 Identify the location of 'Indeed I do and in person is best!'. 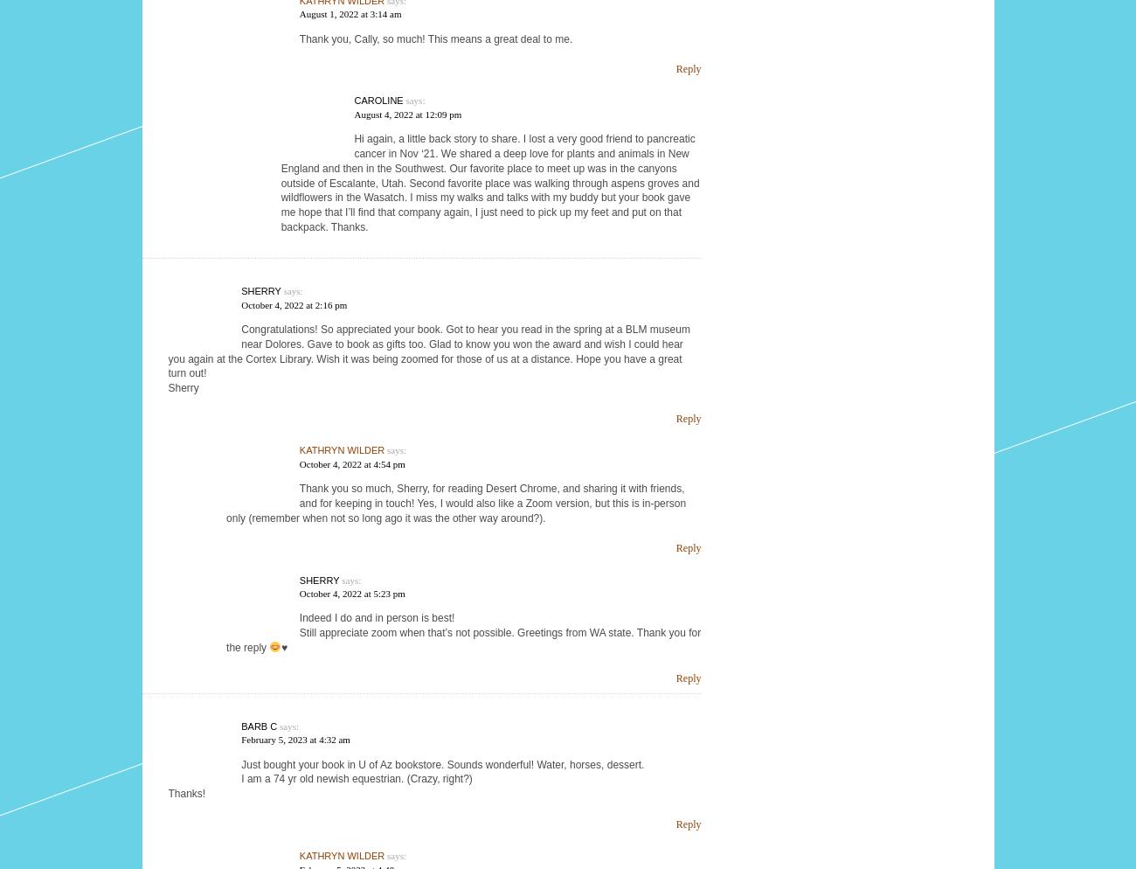
(376, 617).